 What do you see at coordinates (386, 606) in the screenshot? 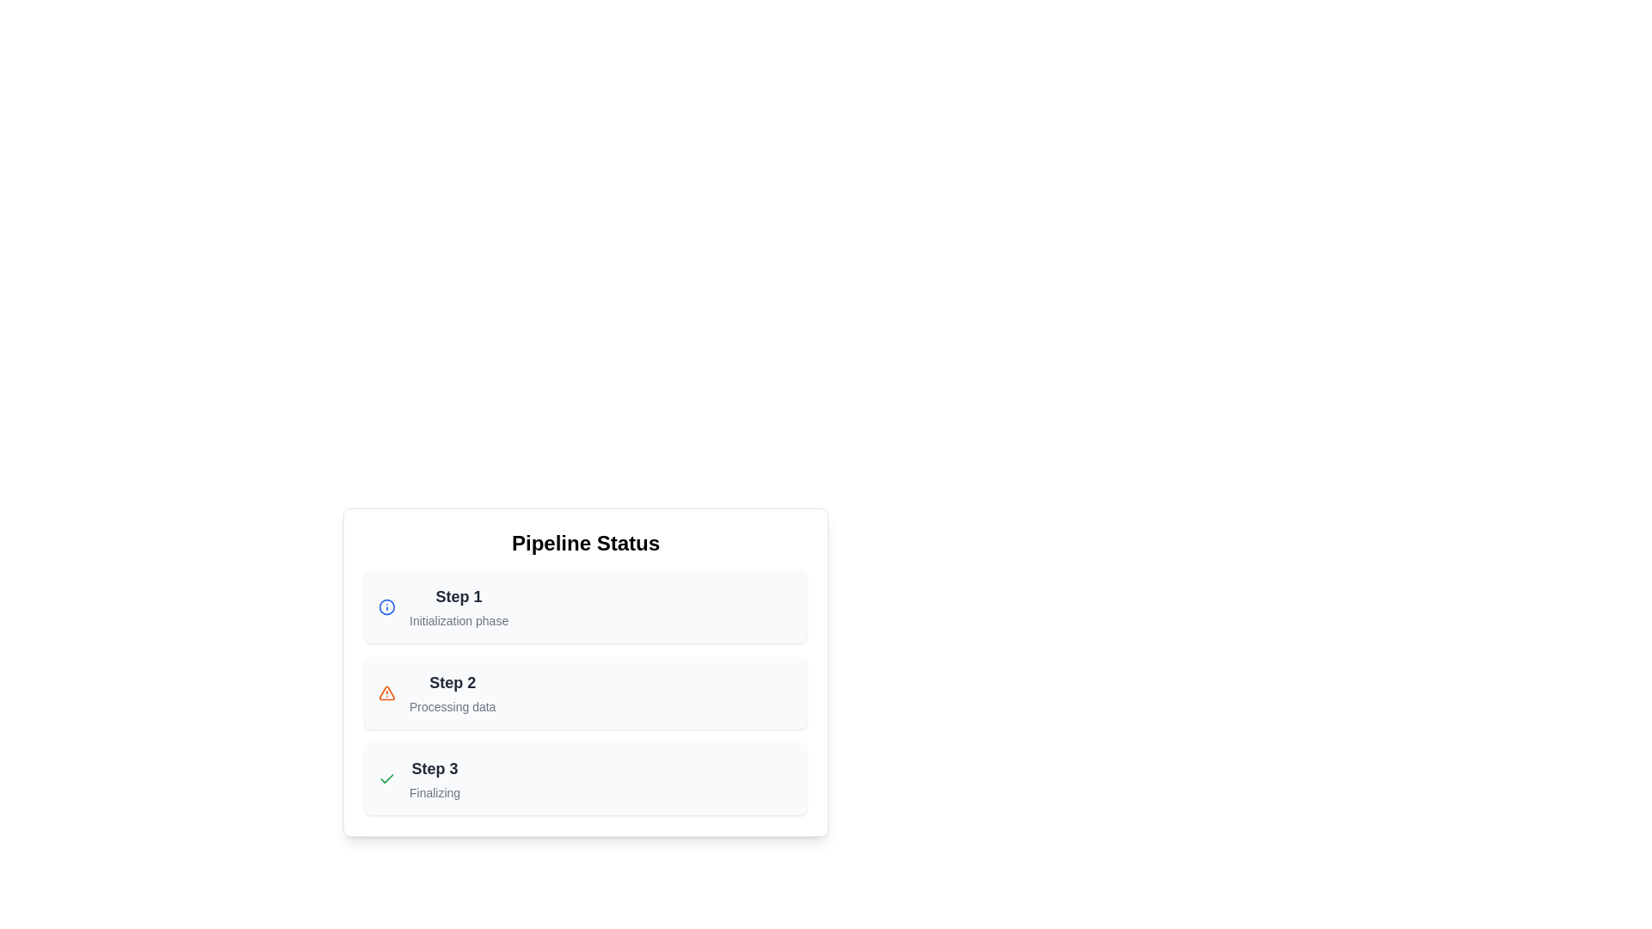
I see `the status icon located at the top-left corner of the card labeled 'Step 1', adjacent to the text heading 'Step 1' and the subheading 'Initialization phase'` at bounding box center [386, 606].